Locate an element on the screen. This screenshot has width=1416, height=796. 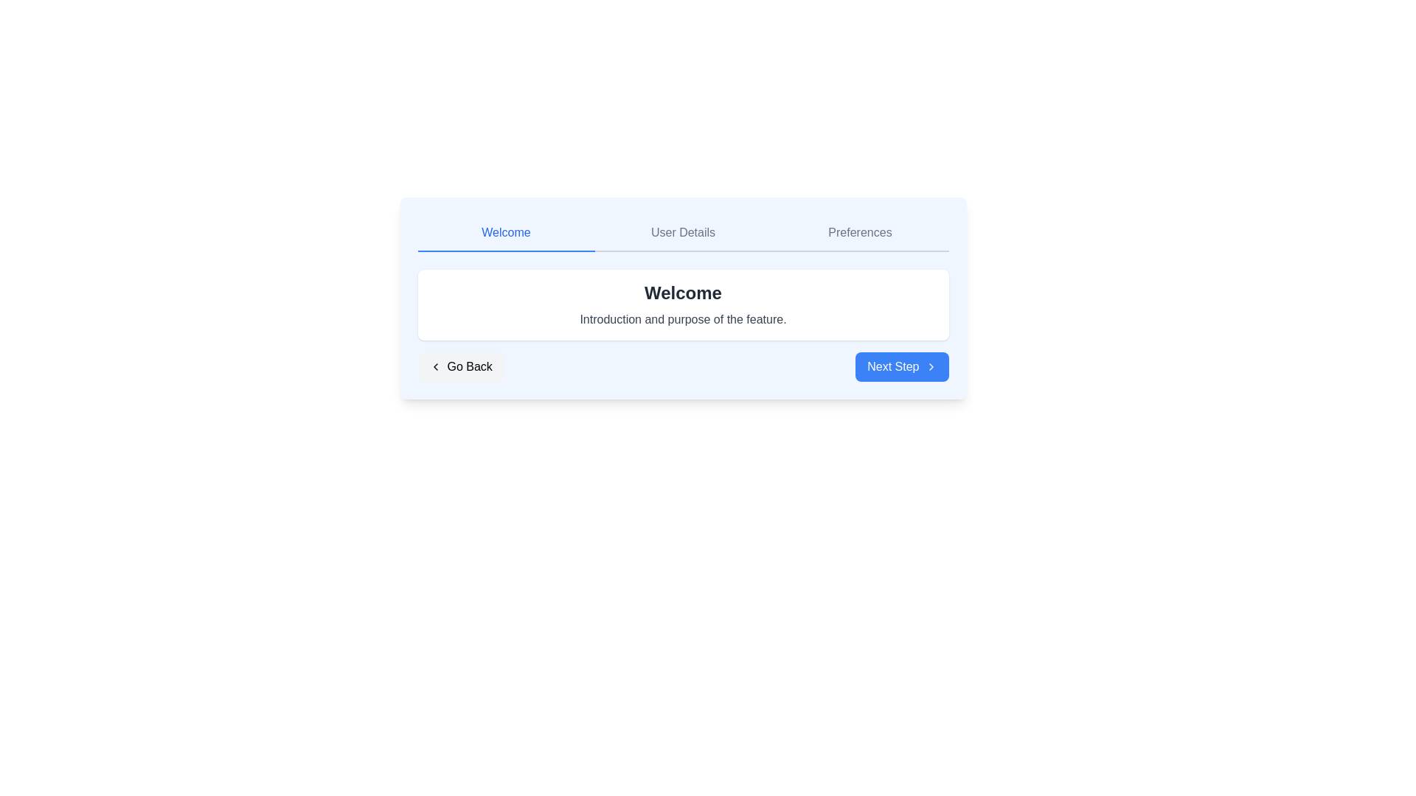
the static text label providing introductory information about a feature, located directly below the 'Welcome' heading within a rounded white box is located at coordinates (682, 319).